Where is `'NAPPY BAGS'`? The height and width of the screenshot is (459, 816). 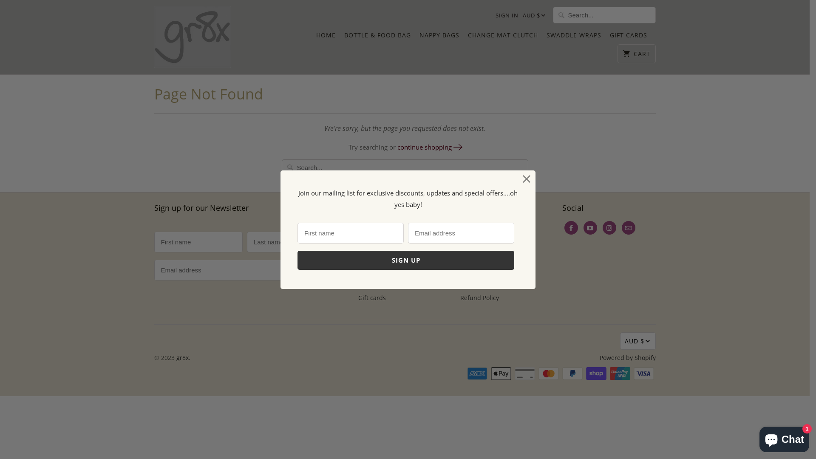 'NAPPY BAGS' is located at coordinates (439, 37).